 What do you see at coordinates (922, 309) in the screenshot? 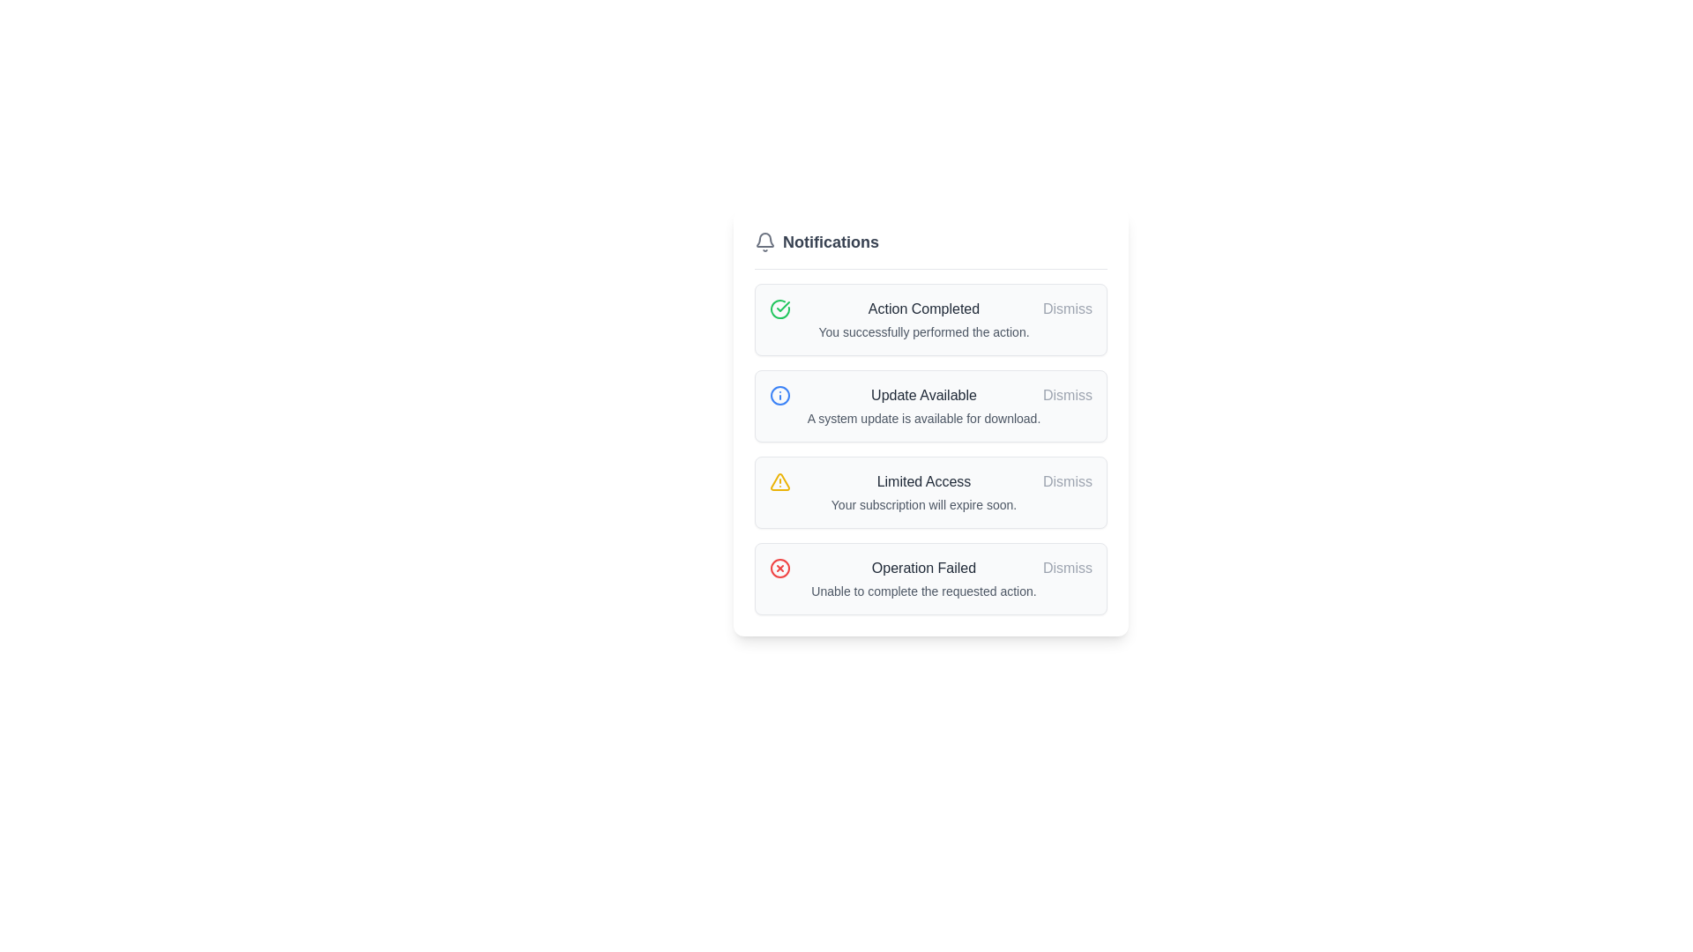
I see `text label that serves as the title for the notification message, located in the topmost card of a vertical list of notifications` at bounding box center [922, 309].